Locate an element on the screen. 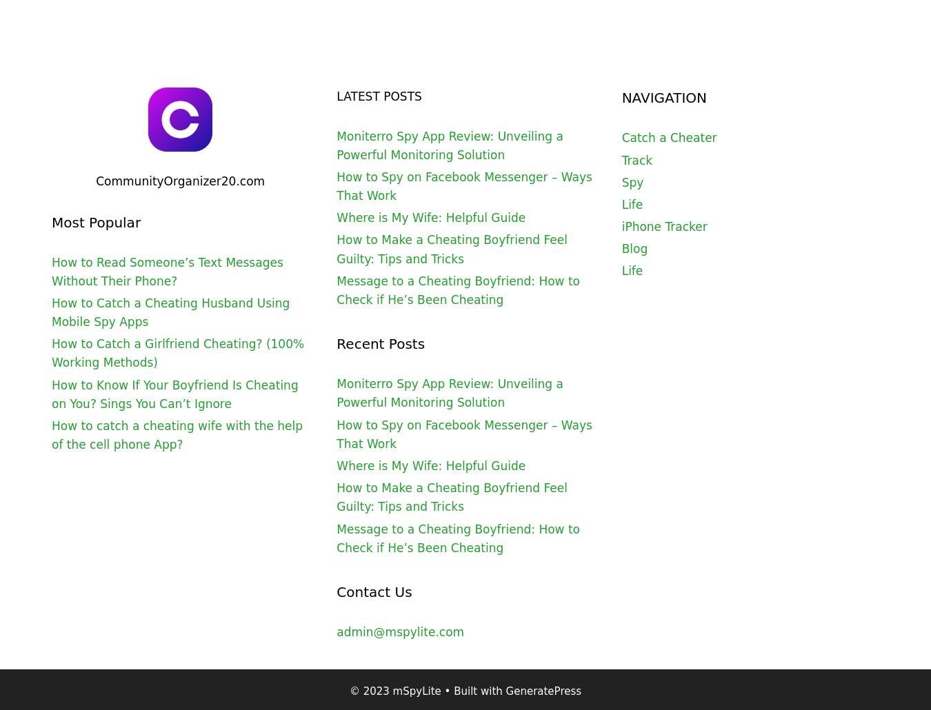 The image size is (931, 710). 'How to Catch a Girlfriend Cheating? (100% Working Methods)' is located at coordinates (177, 352).